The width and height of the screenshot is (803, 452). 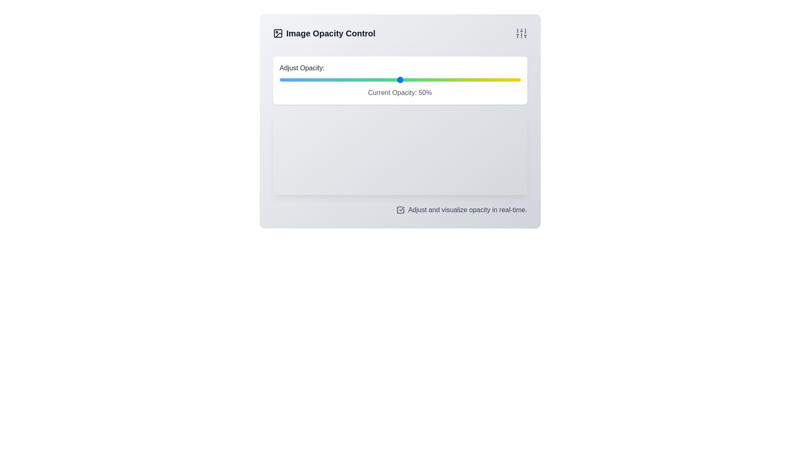 I want to click on the opacity value, so click(x=462, y=80).